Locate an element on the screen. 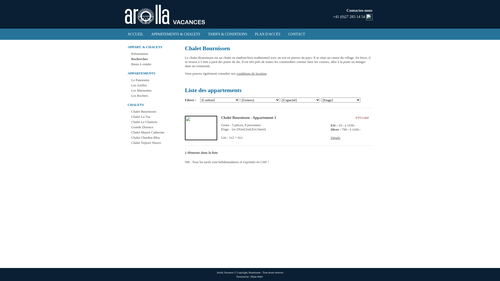  'Powered by <Pulse Web>' is located at coordinates (236, 276).